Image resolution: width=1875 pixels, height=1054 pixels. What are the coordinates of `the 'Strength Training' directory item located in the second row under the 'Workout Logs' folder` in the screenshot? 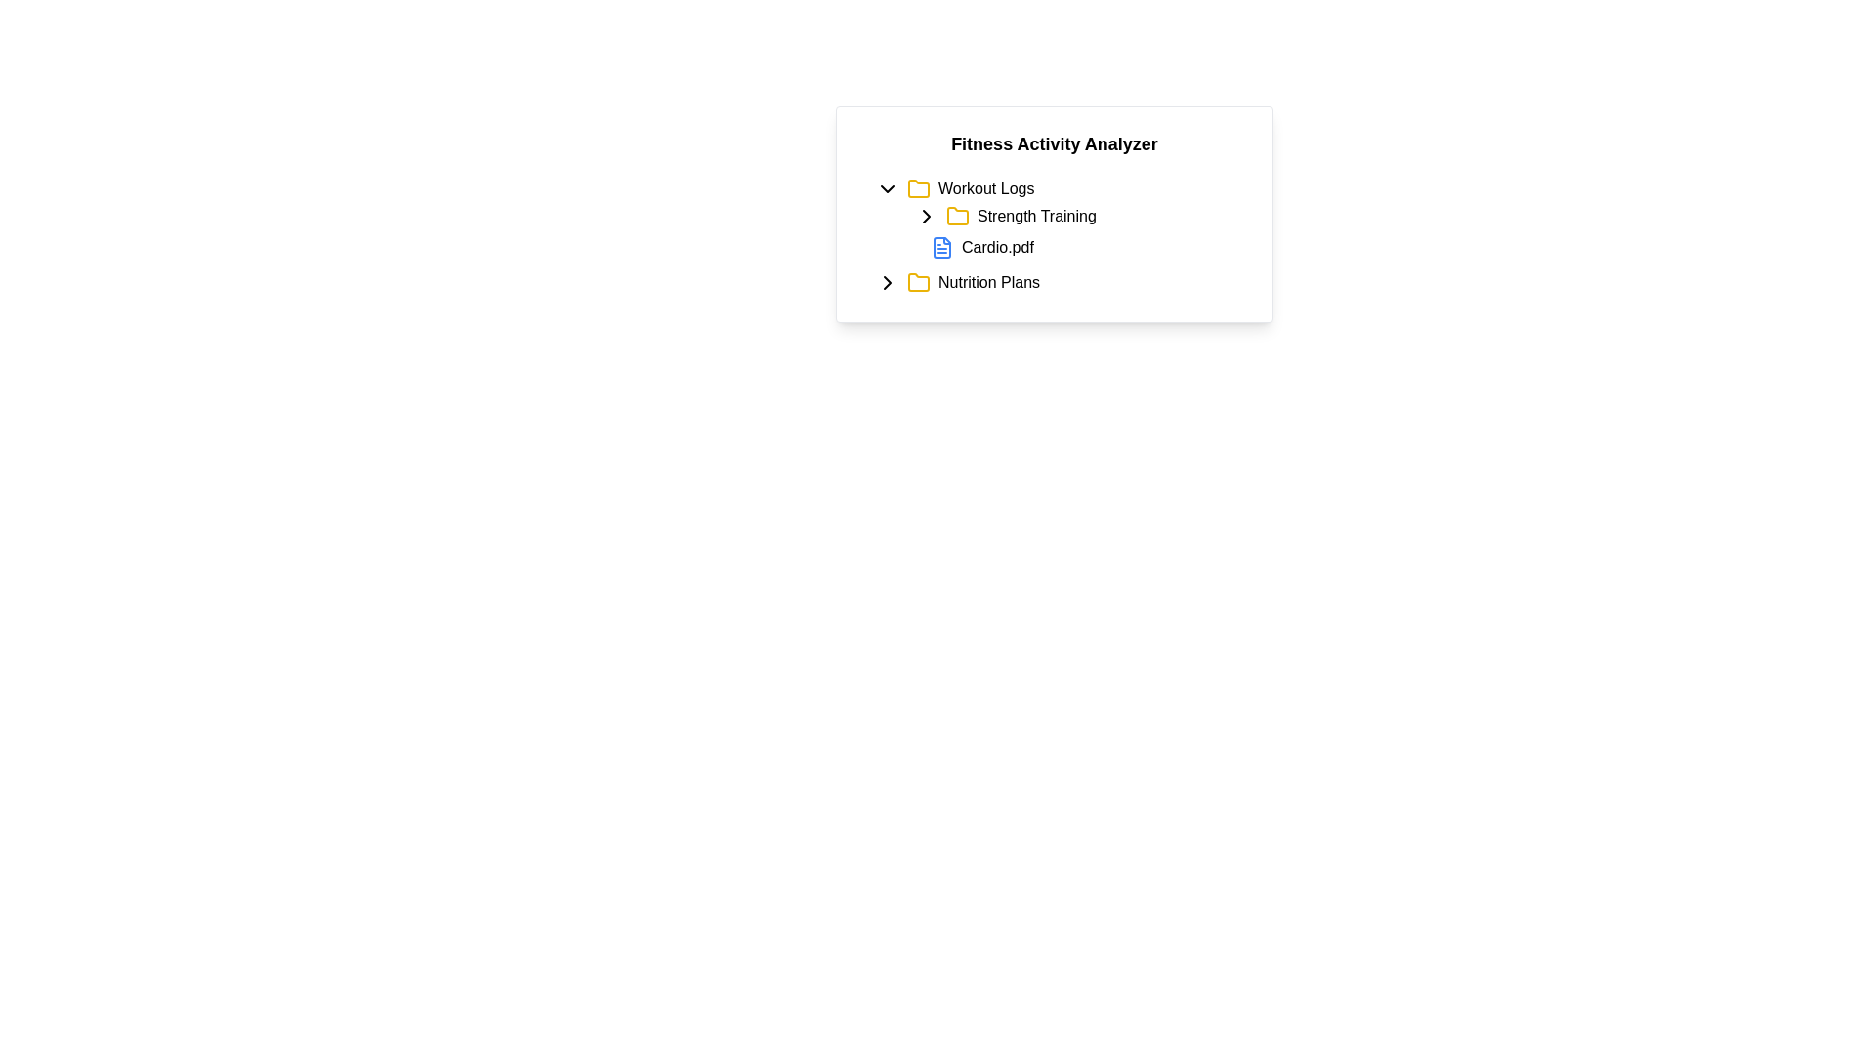 It's located at (1081, 217).